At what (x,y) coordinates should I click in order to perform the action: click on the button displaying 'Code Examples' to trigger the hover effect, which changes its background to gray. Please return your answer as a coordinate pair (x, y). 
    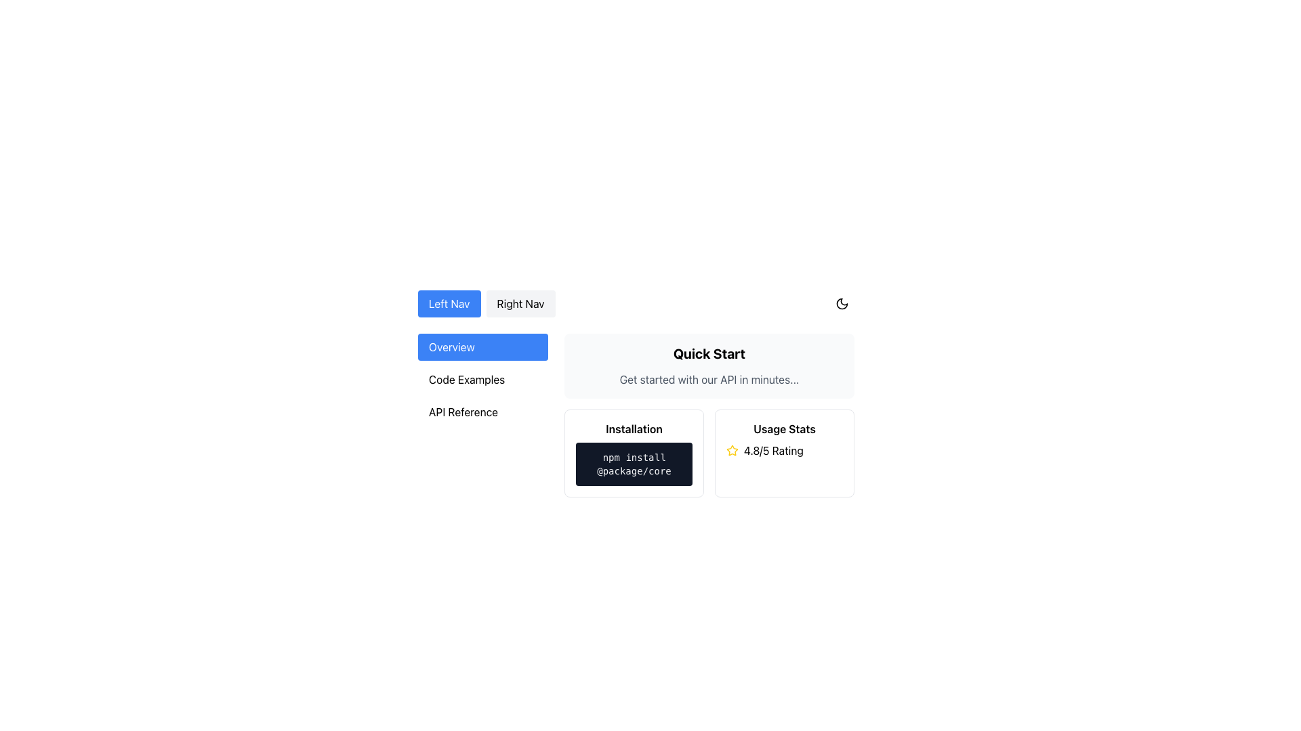
    Looking at the image, I should click on (483, 379).